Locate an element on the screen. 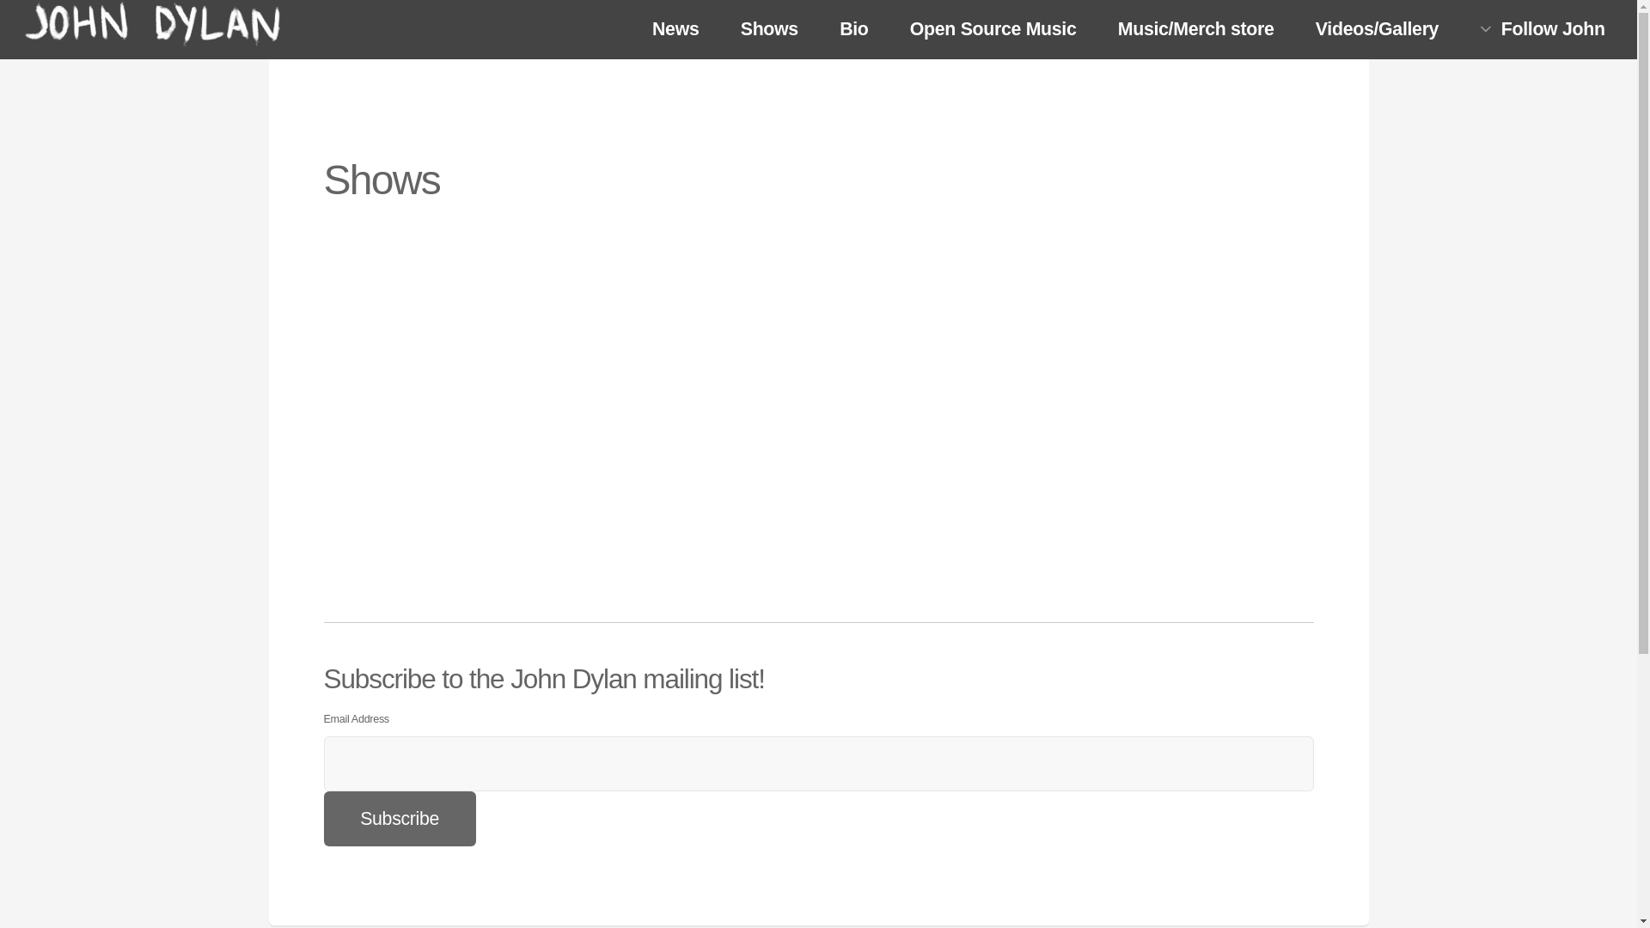 The image size is (1650, 928). 'Subscribe' is located at coordinates (398, 817).